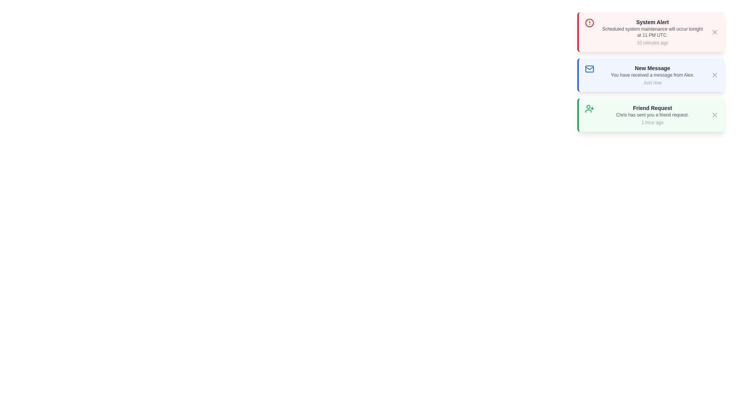 The width and height of the screenshot is (737, 414). I want to click on the top left stroke of the 'X' shape close icon located in the top right corner of the 'System Alert' notification card, so click(714, 32).